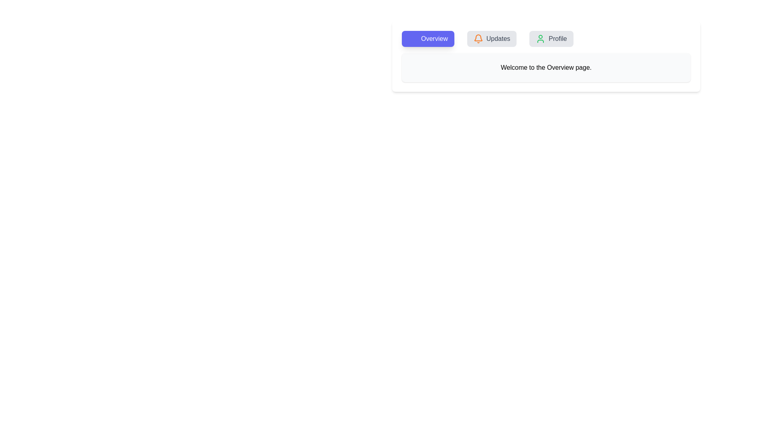  Describe the element at coordinates (551, 38) in the screenshot. I see `the Profile tab by clicking on it` at that location.